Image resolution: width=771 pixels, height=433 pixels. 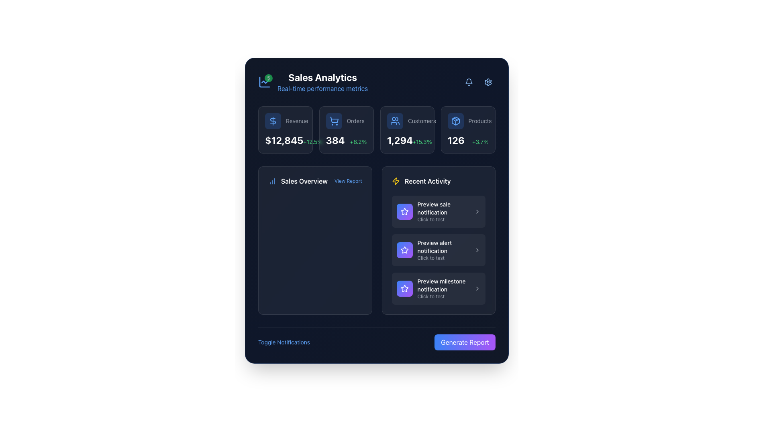 I want to click on the stylized star icon located in the 'Recent Activity' section, which is associated with the 'Preview milestone notification' item, to potentially interact with it, so click(x=404, y=211).